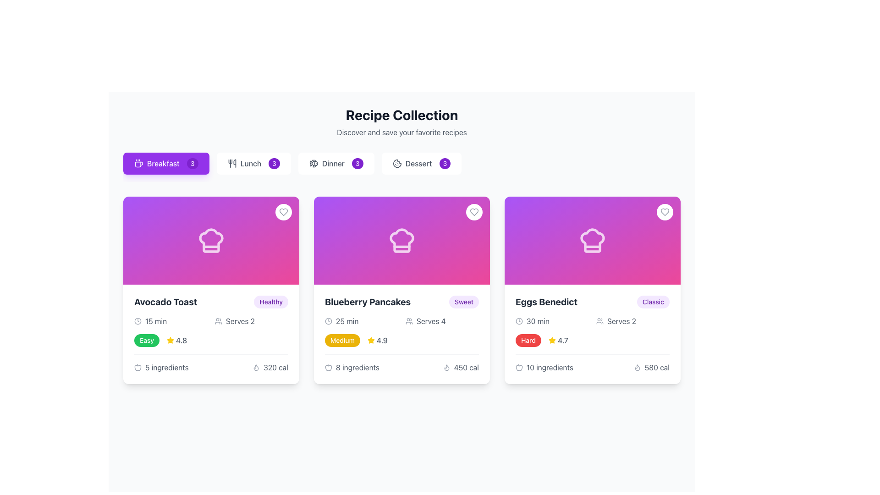 The height and width of the screenshot is (495, 880). What do you see at coordinates (538, 321) in the screenshot?
I see `text label indicating the preparation time for the 'Eggs Benedict' recipe located in the lower-left corner of the recipe card` at bounding box center [538, 321].